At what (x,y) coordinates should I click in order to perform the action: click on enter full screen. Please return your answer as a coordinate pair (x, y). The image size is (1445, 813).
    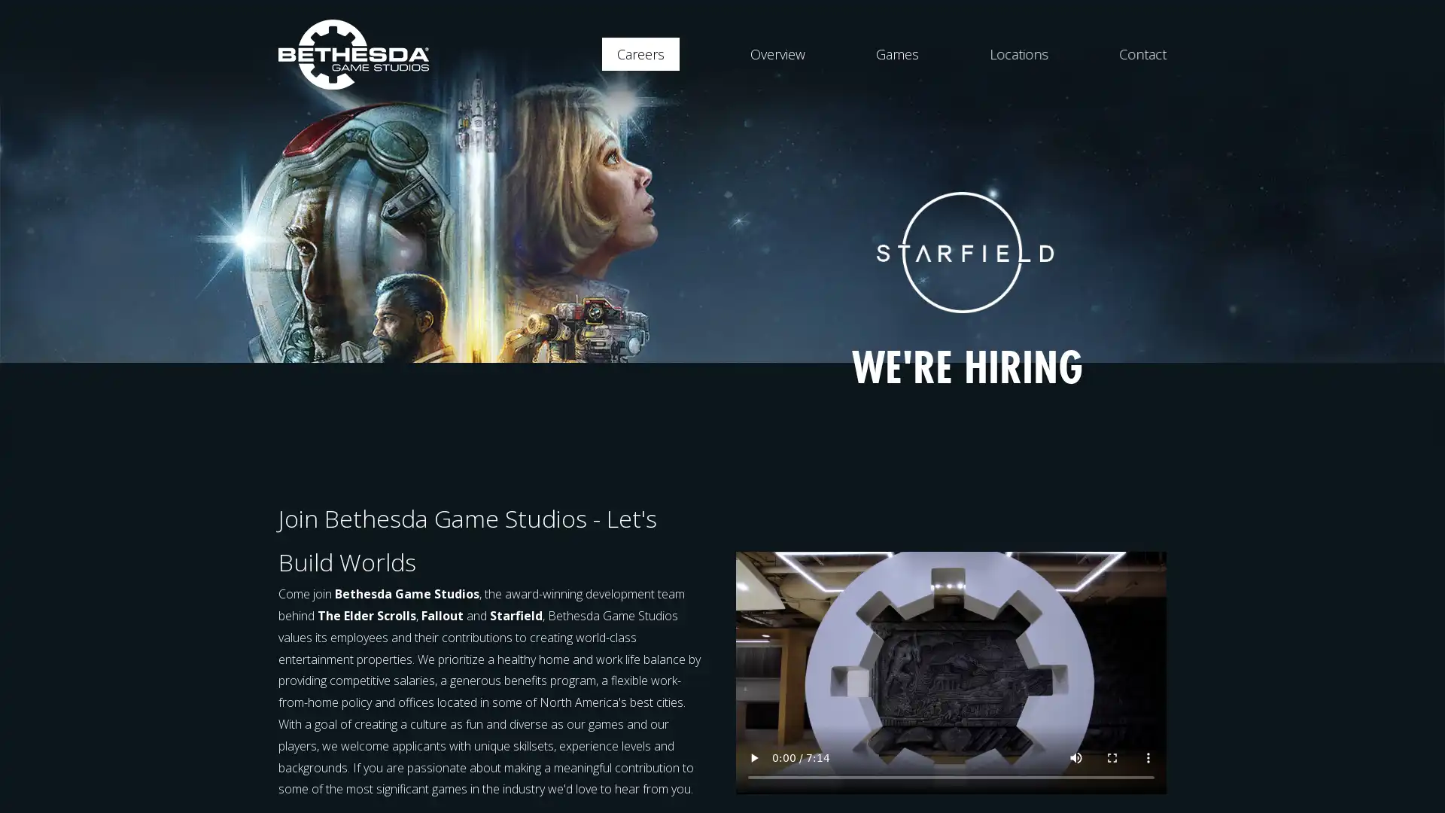
    Looking at the image, I should click on (1112, 757).